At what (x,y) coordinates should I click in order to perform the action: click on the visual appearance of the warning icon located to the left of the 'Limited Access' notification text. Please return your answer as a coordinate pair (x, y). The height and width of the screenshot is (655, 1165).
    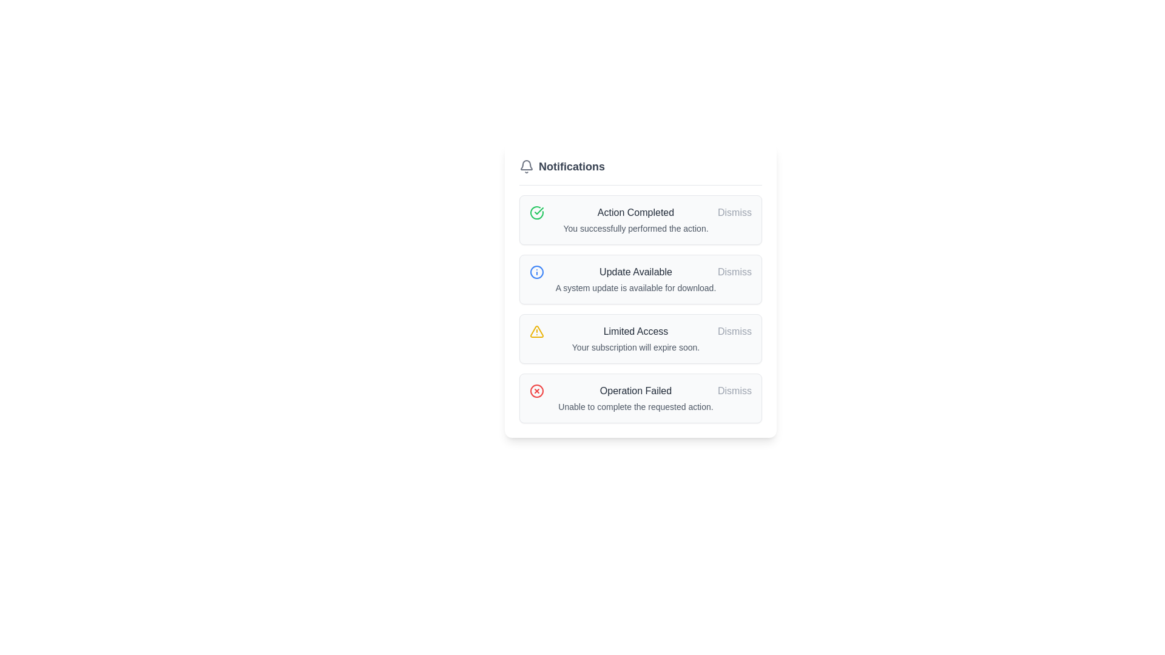
    Looking at the image, I should click on (536, 332).